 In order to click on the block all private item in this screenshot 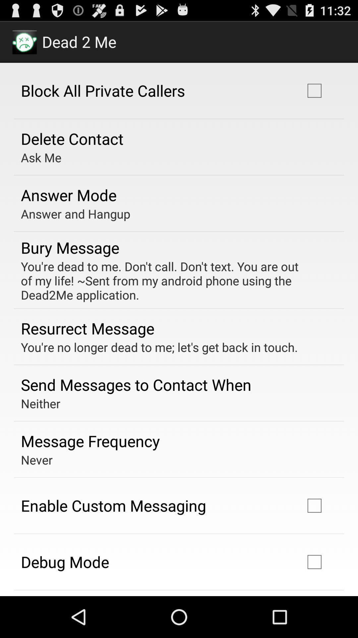, I will do `click(103, 90)`.